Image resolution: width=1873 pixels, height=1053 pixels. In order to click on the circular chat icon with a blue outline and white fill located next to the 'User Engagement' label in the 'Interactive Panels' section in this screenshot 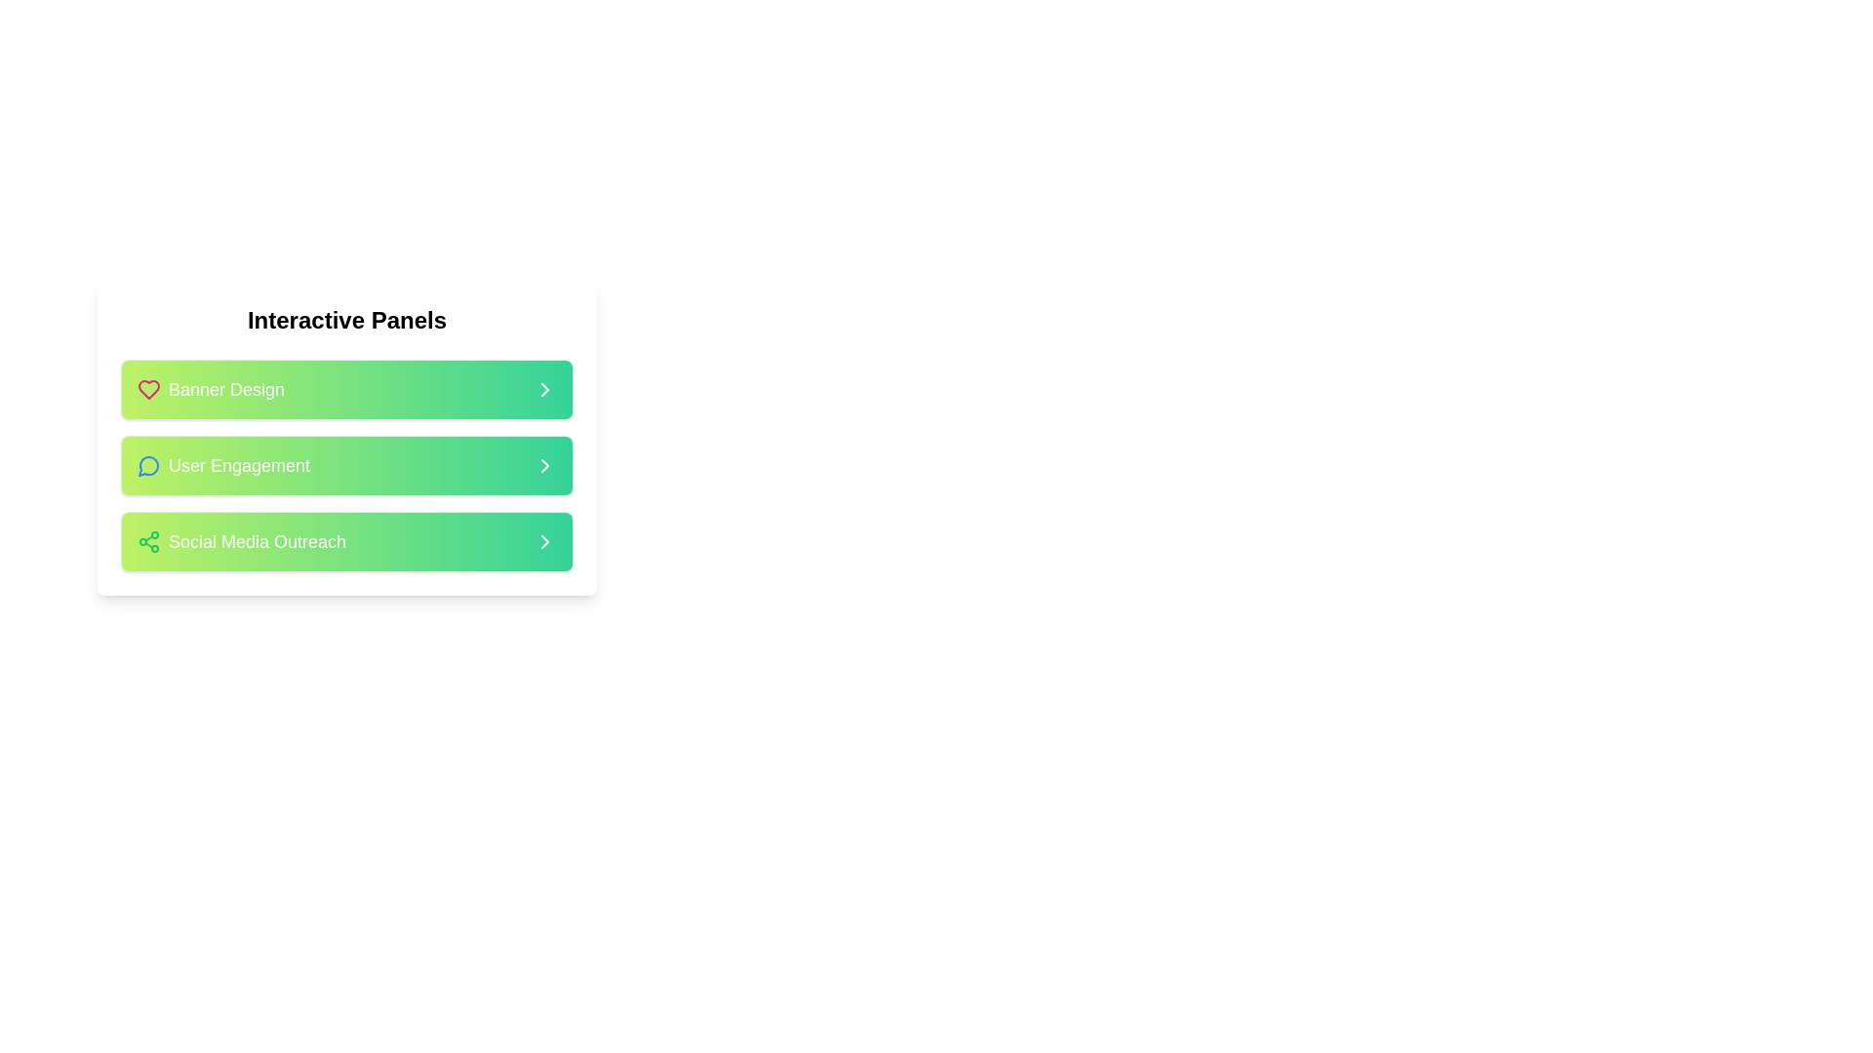, I will do `click(147, 466)`.